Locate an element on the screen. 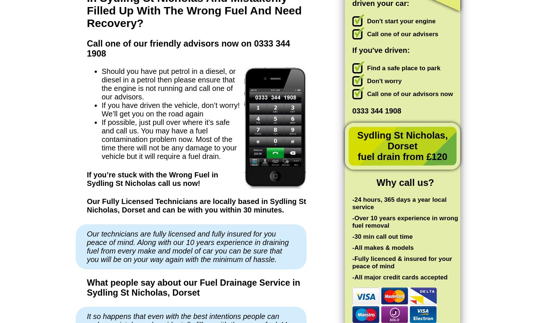 This screenshot has height=323, width=536. 'If possible, just pull over where it’s safe and call us. You may have a fuel contamination problem now. Most of the time there will not be any damage to your vehicle but it will require a fuel drain.' is located at coordinates (169, 139).